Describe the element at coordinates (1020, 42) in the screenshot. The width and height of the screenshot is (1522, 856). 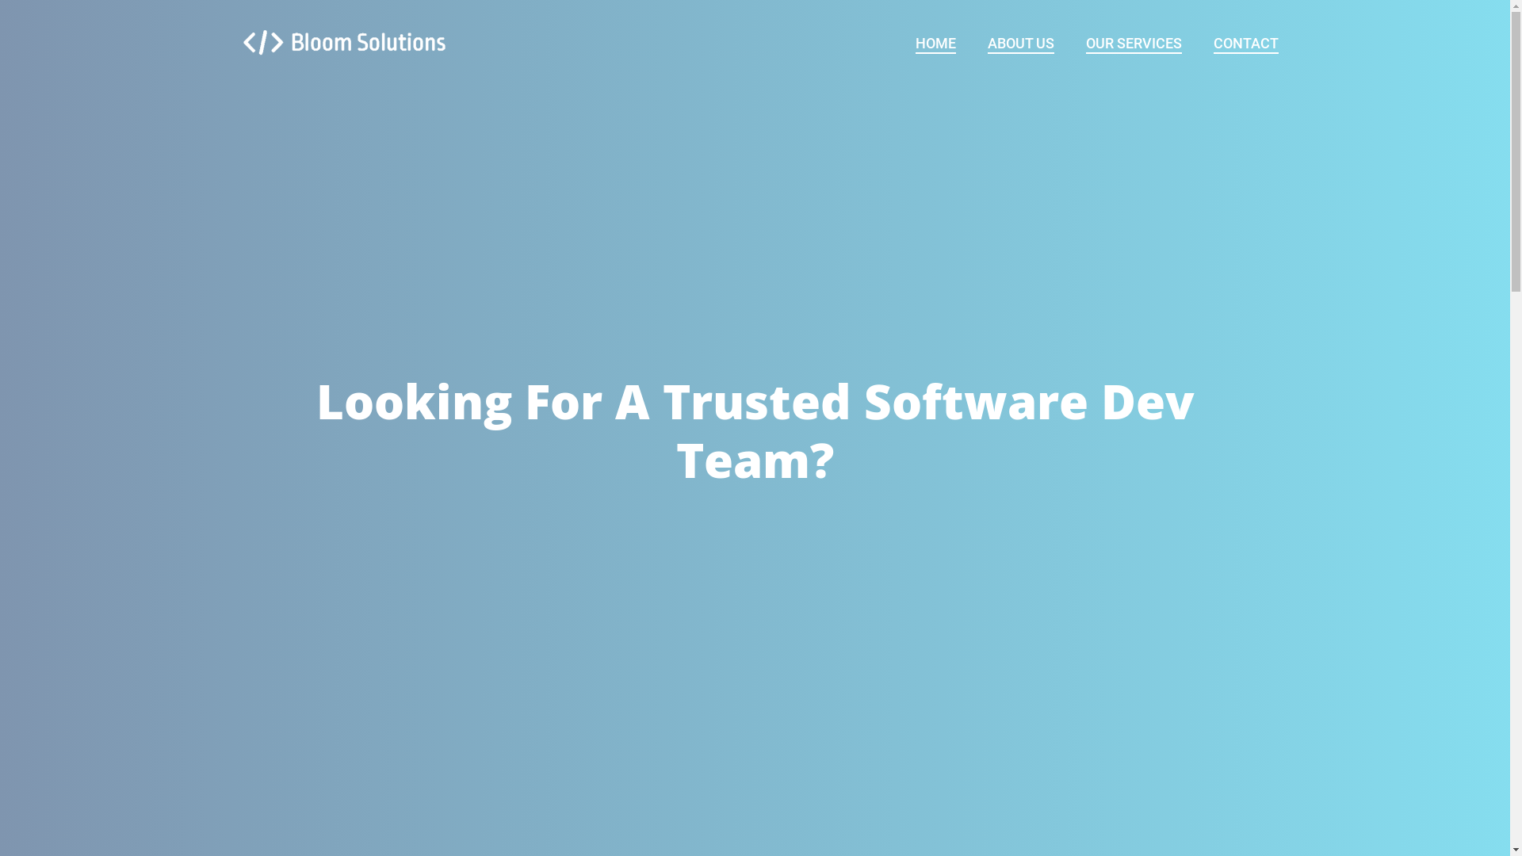
I see `'ABOUT US'` at that location.